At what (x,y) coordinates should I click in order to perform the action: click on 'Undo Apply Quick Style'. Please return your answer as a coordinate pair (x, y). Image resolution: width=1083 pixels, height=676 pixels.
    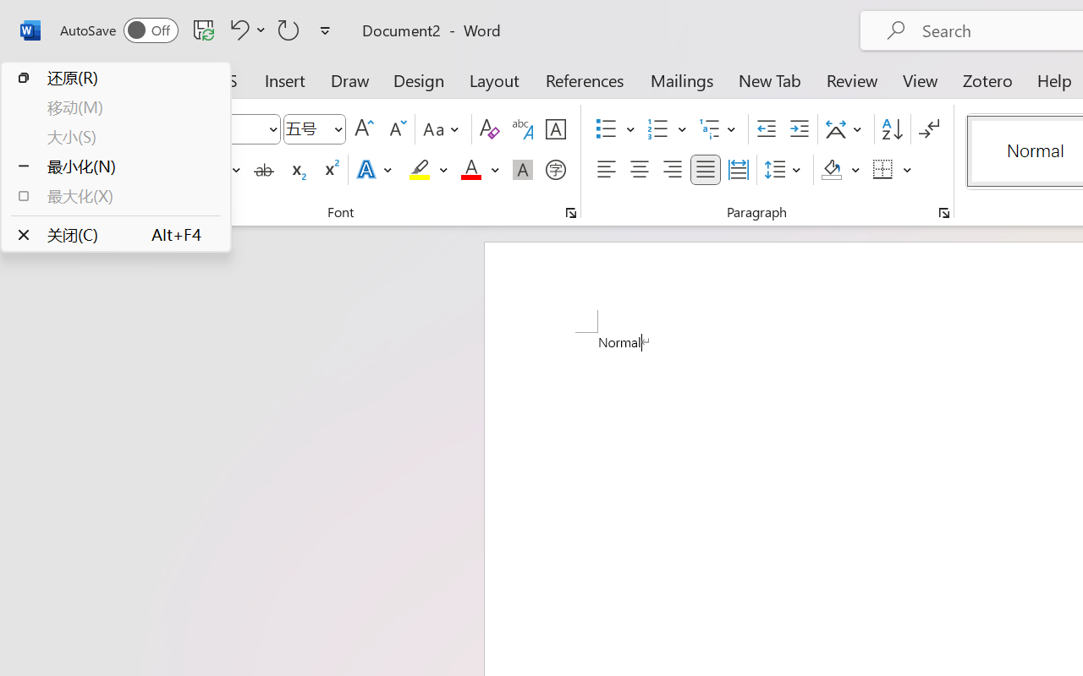
    Looking at the image, I should click on (245, 29).